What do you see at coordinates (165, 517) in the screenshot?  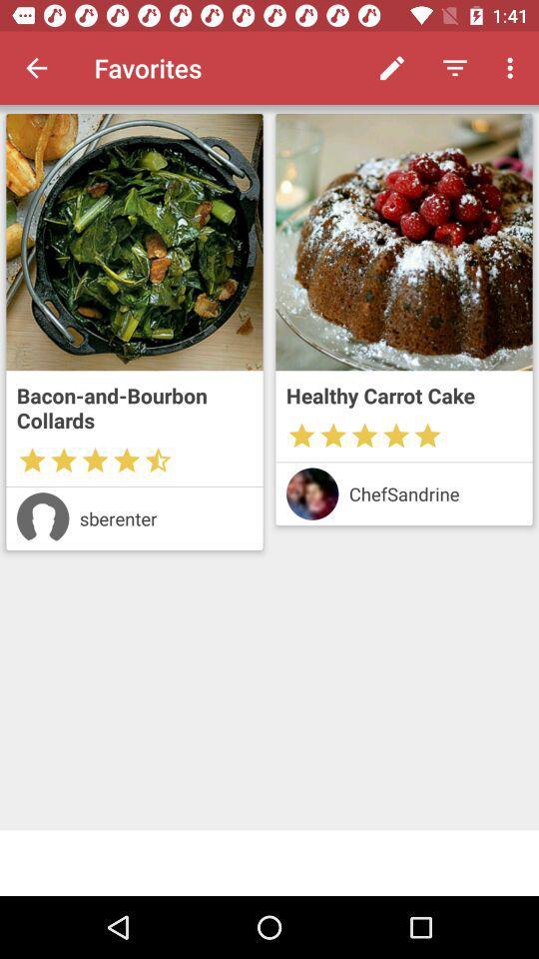 I see `the sberenter` at bounding box center [165, 517].